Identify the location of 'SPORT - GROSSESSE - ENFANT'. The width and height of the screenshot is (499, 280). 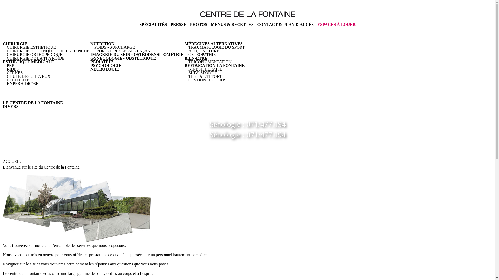
(94, 51).